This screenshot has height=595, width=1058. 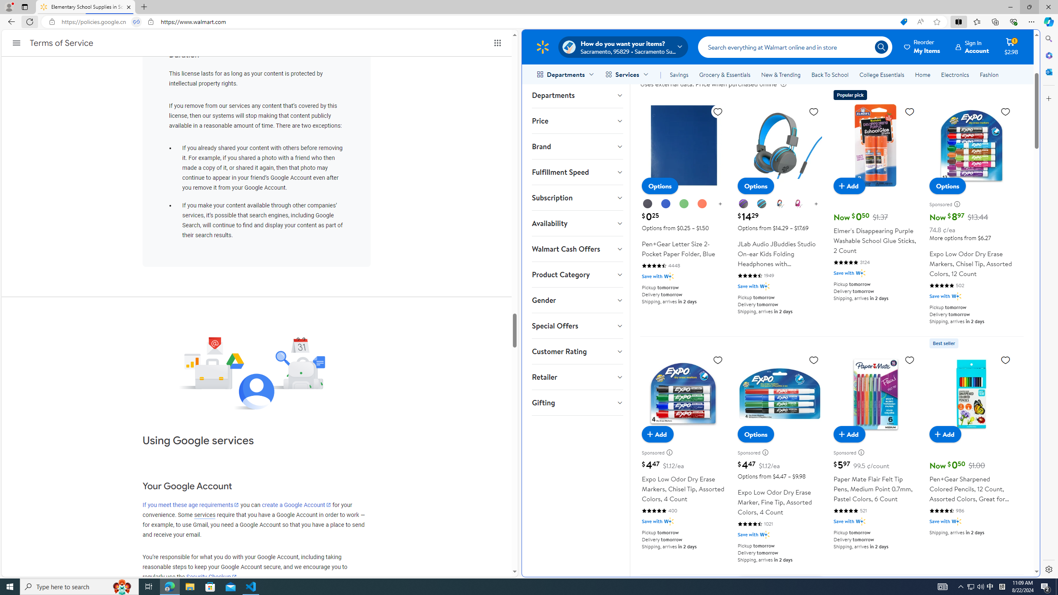 I want to click on 'Green', so click(x=684, y=204).